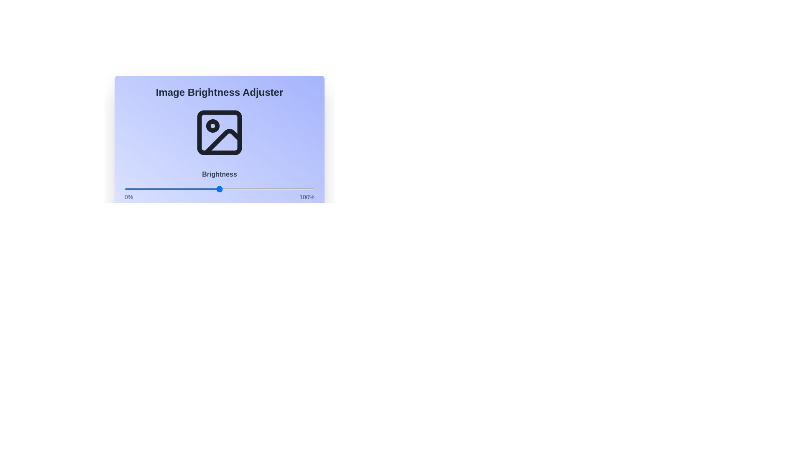 The image size is (803, 452). Describe the element at coordinates (132, 189) in the screenshot. I see `the brightness slider to 4%` at that location.